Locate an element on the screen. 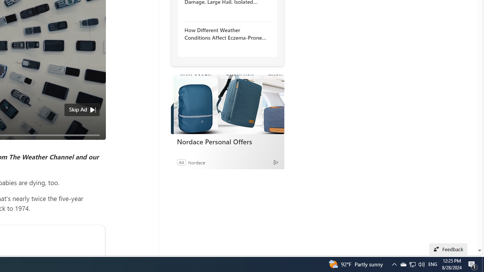  'Nordace Personal Offers' is located at coordinates (227, 104).